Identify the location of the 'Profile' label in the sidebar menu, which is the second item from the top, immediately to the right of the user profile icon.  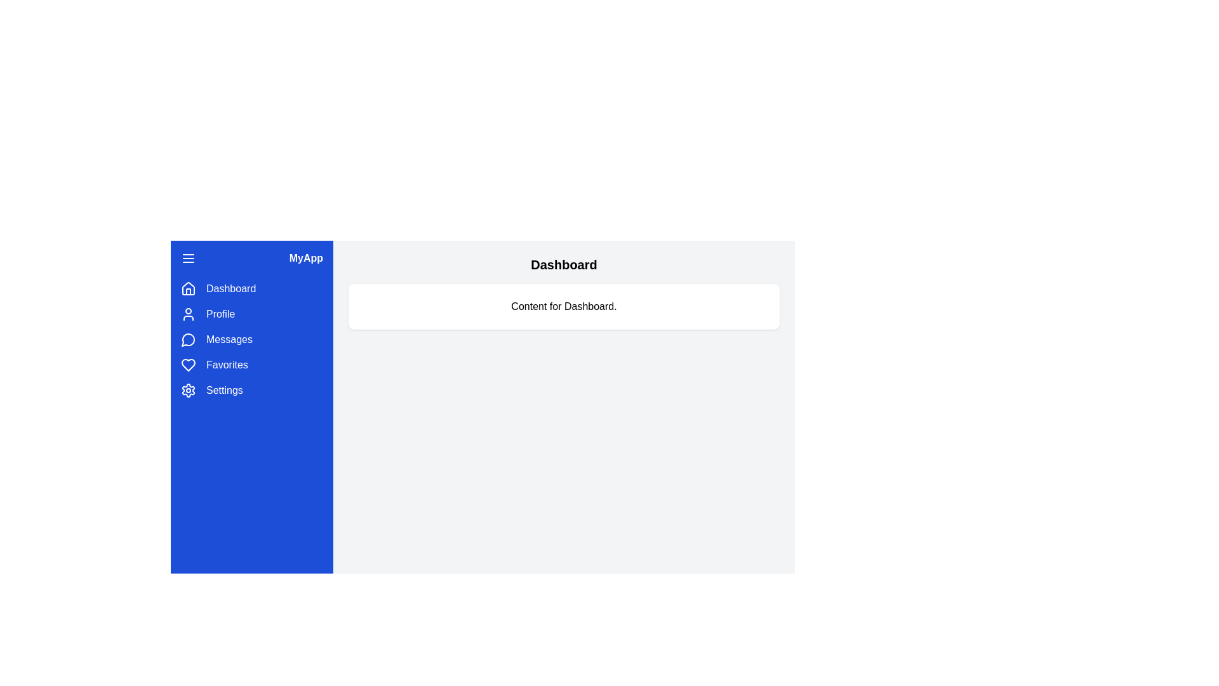
(220, 314).